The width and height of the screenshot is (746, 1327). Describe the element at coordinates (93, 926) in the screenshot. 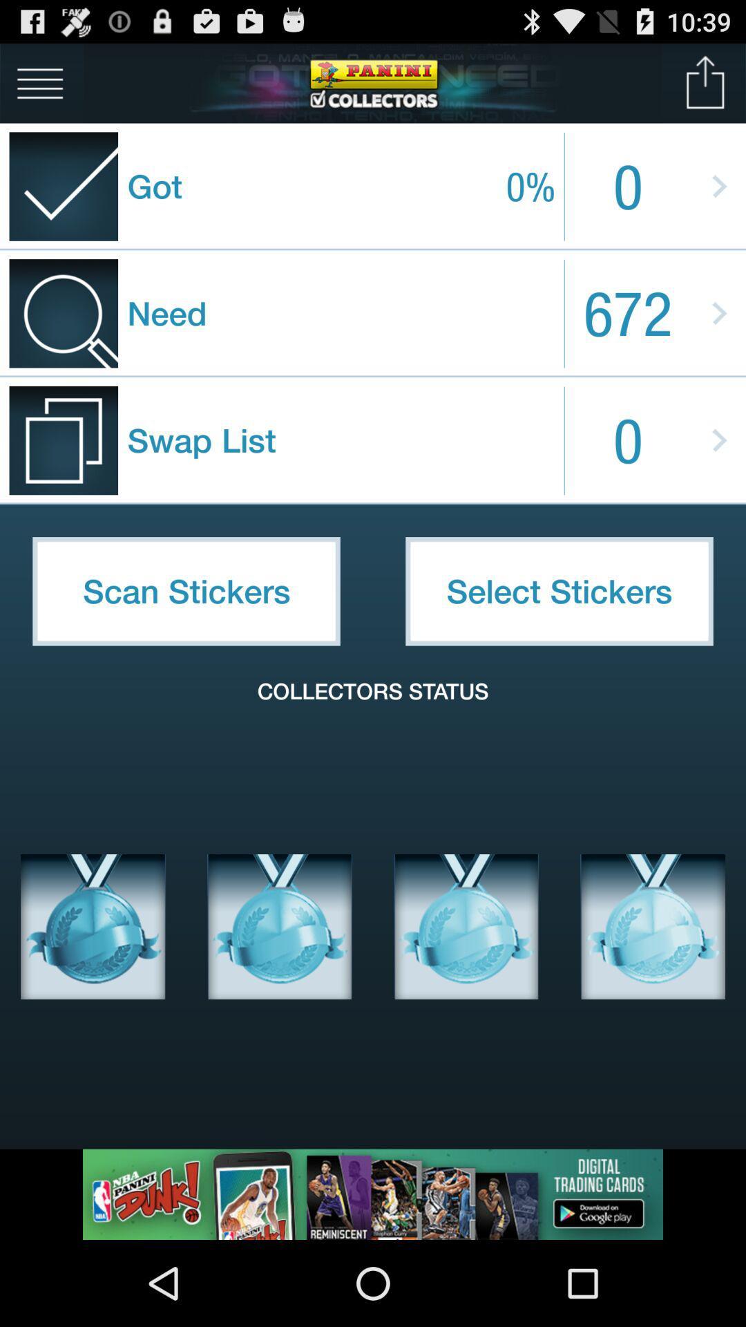

I see `sticker` at that location.